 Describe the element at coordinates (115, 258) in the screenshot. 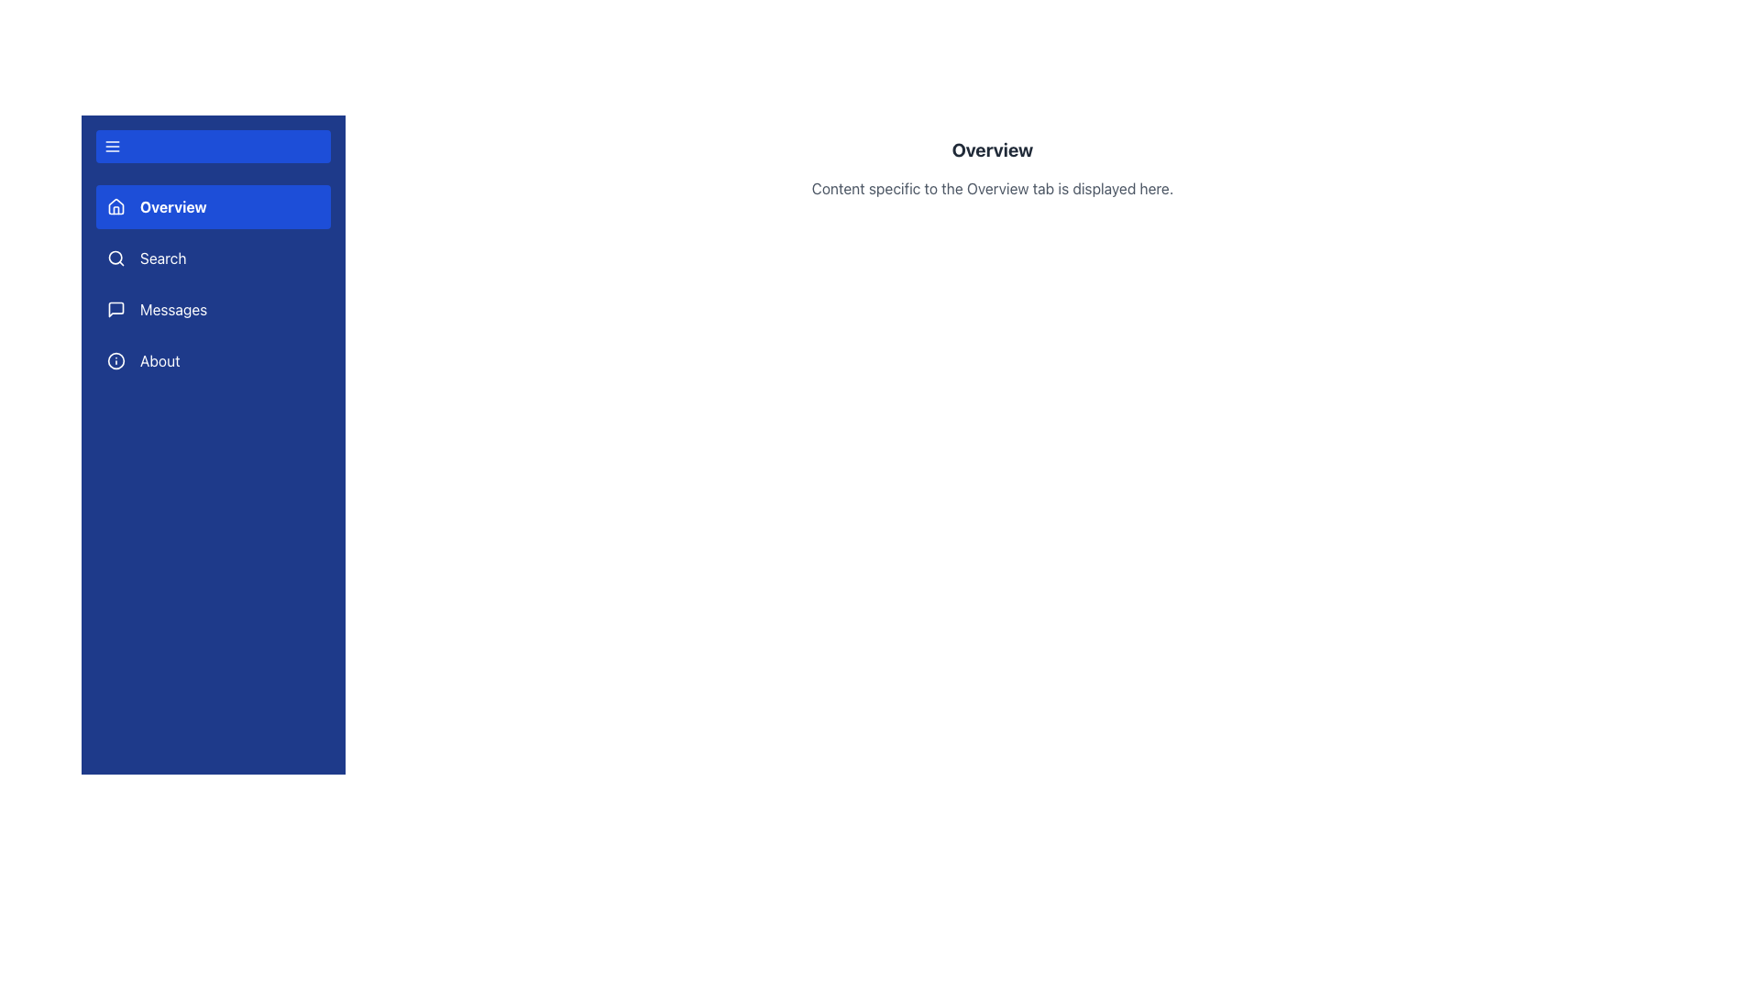

I see `the magnifying glass icon in the sidebar navigation menu, which is located to the left of the 'Search' text label` at that location.